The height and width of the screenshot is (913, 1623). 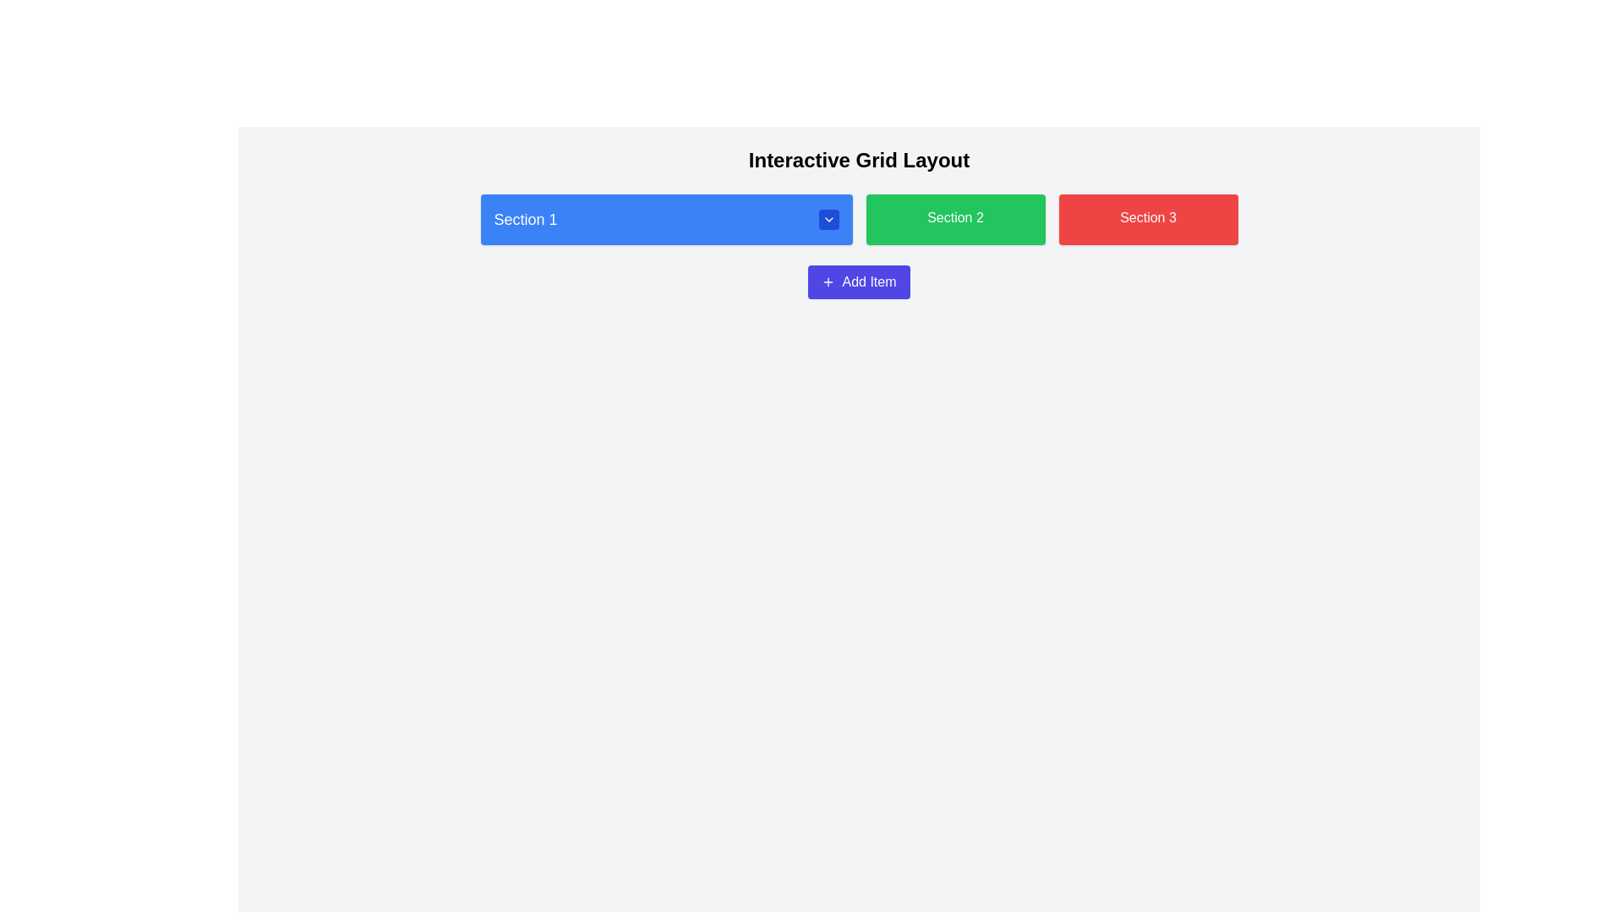 I want to click on the chevron-down icon located on the right side of the 'Section 1' button, so click(x=828, y=218).